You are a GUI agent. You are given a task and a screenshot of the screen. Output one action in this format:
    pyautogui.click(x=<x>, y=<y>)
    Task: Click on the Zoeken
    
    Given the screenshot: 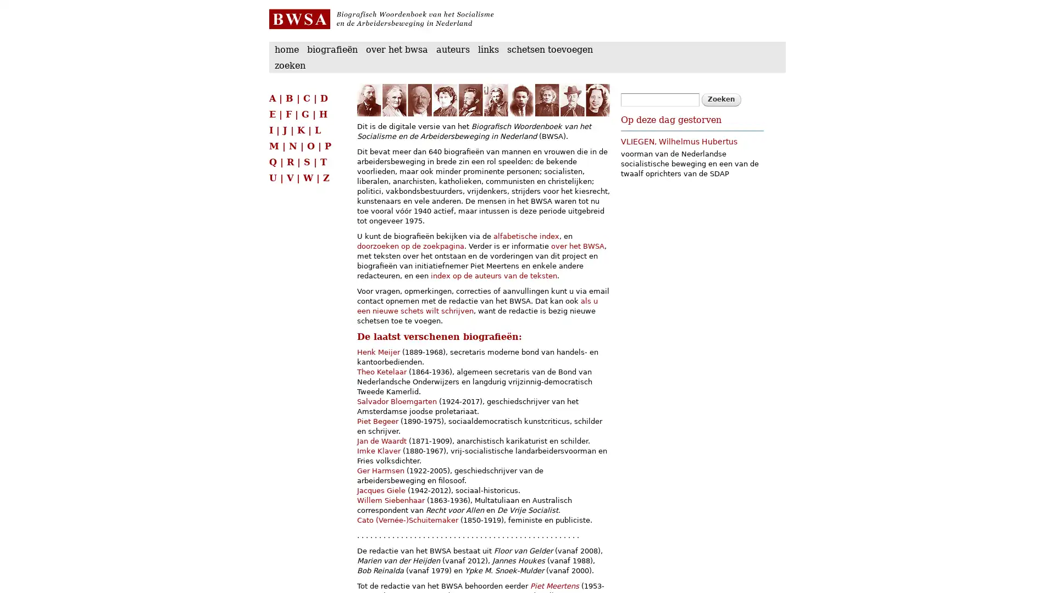 What is the action you would take?
    pyautogui.click(x=721, y=99)
    